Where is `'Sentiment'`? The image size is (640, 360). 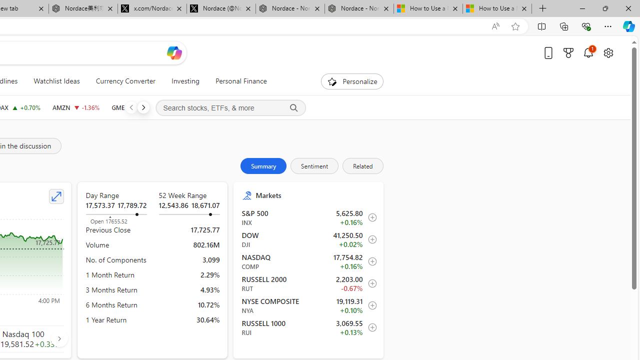 'Sentiment' is located at coordinates (314, 165).